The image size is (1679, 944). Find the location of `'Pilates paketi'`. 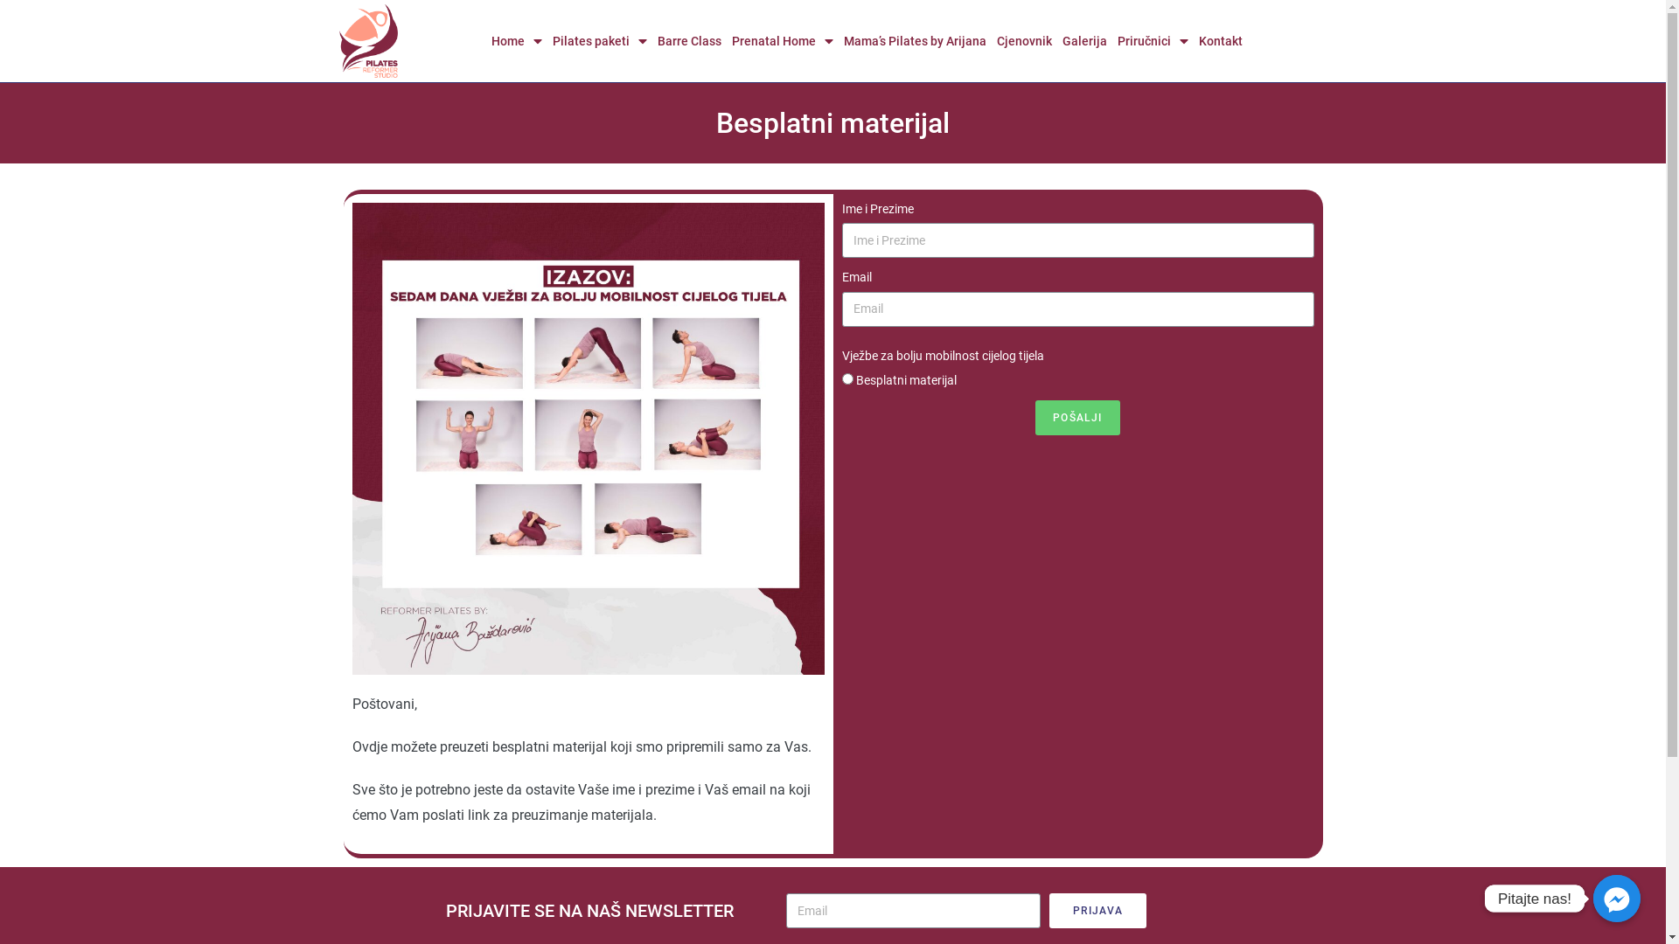

'Pilates paketi' is located at coordinates (600, 39).